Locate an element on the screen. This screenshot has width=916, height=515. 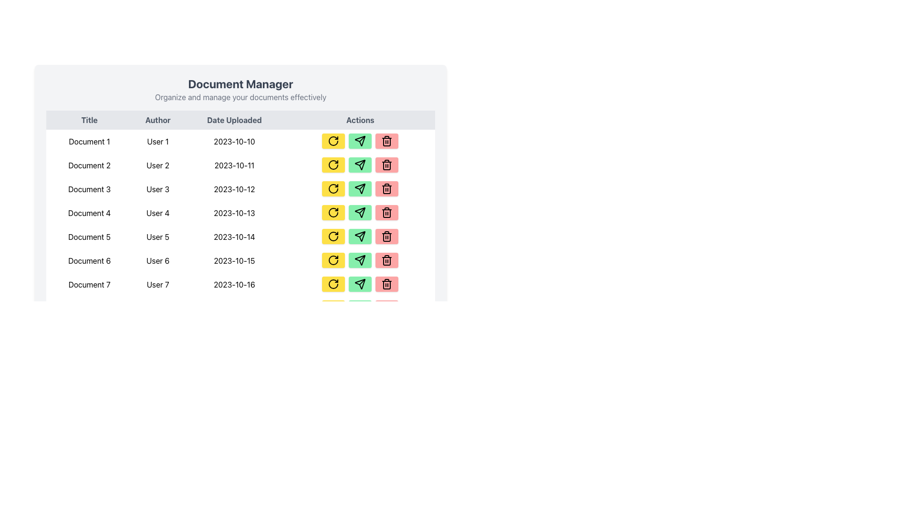
the 'send' button located in the 'Actions' column of the document management interface, positioned between the yellow refresh button and the red delete button for 'Document 6' is located at coordinates (360, 260).